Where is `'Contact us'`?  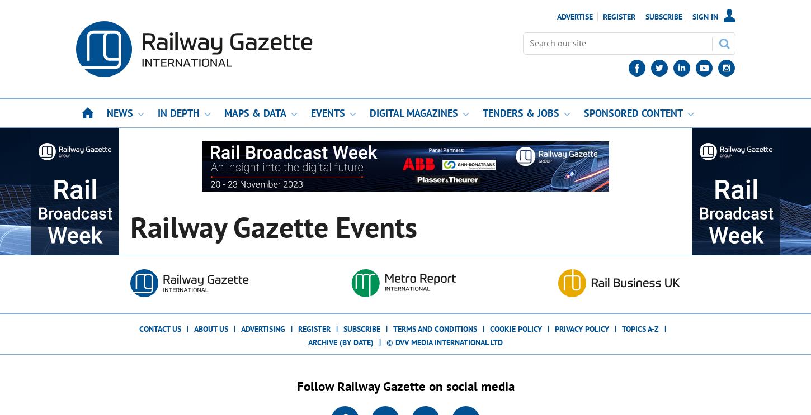
'Contact us' is located at coordinates (160, 328).